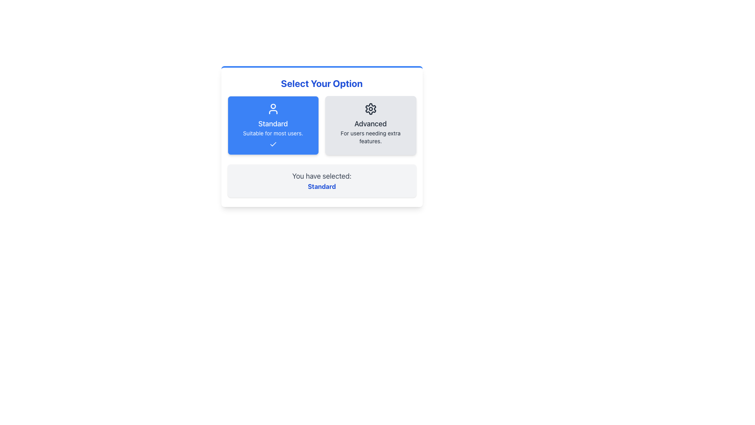 This screenshot has width=755, height=425. I want to click on informational text block that confirms the user's selected option, located at the bottom of the panel under the selection cards labeled 'Standard' and 'Advanced', so click(322, 181).